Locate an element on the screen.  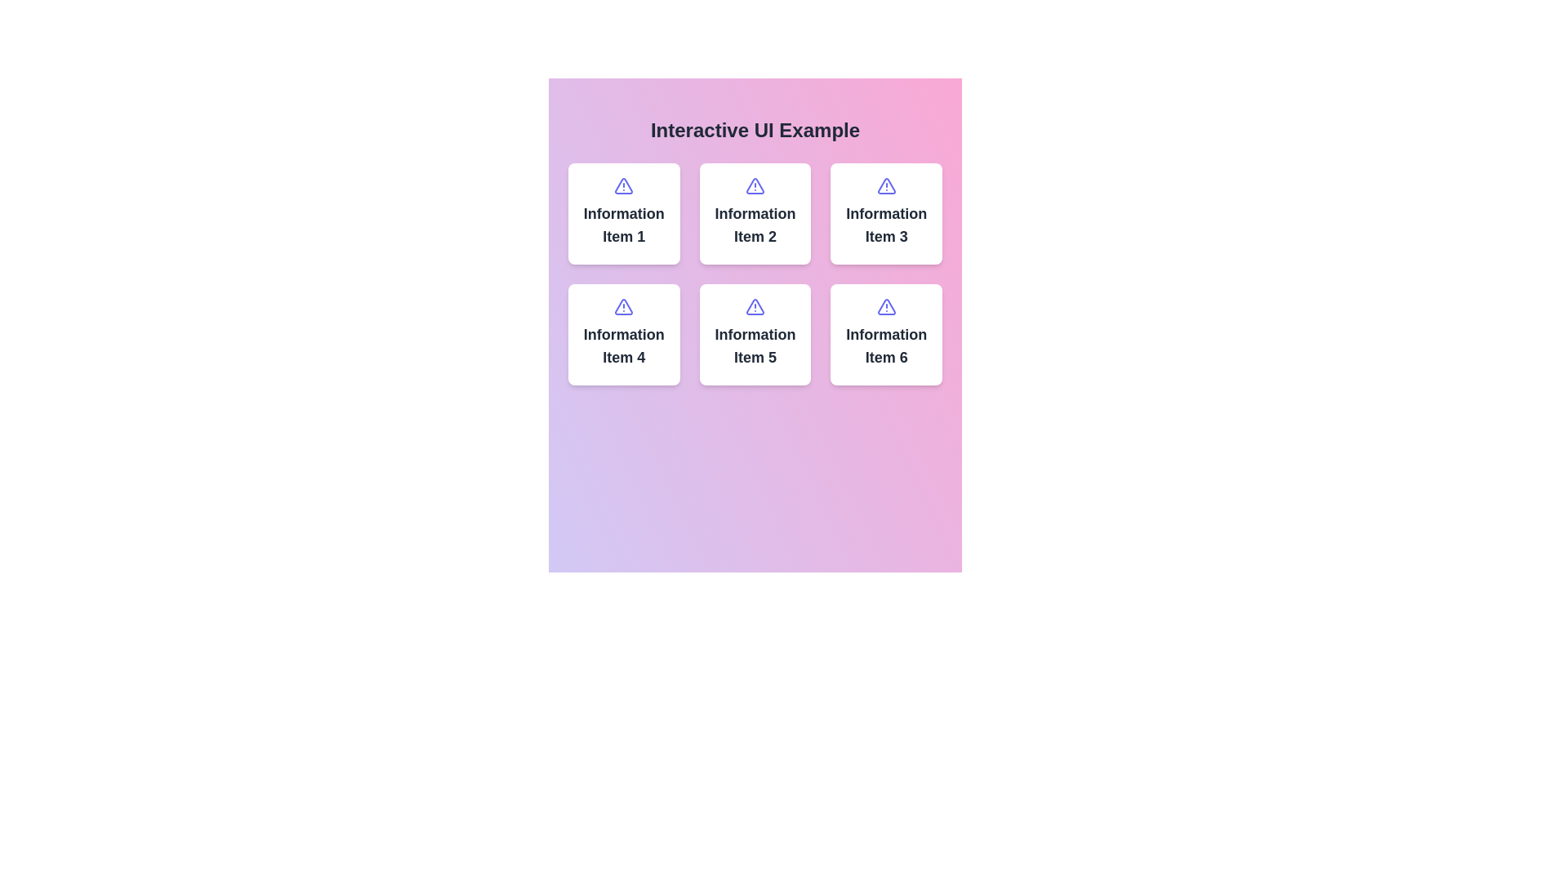
the text label displaying 'Information Item 5', which is located in the middle row and second column of a three-by-two grid layout, positioned below the corresponding icon is located at coordinates (755, 345).